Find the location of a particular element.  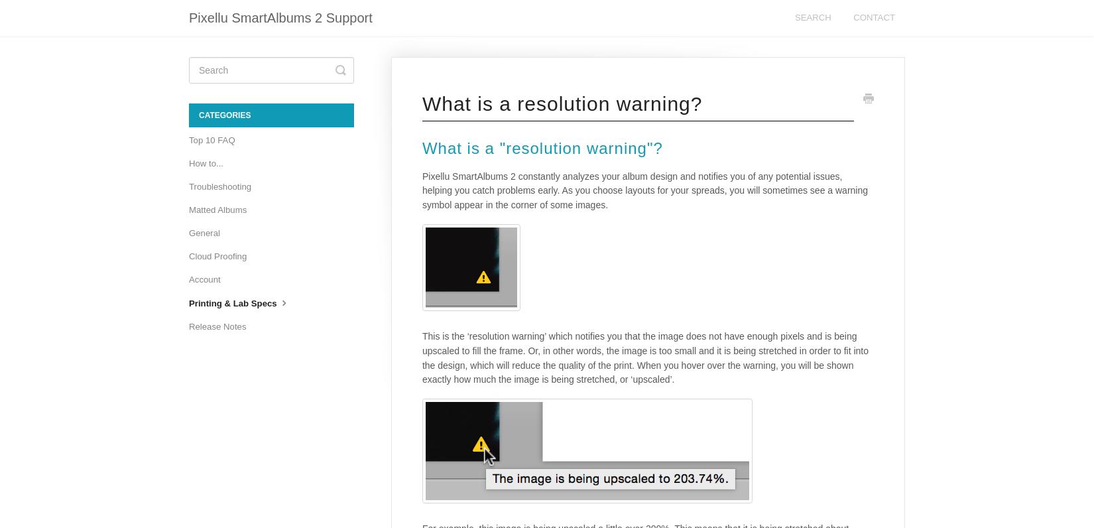

'This is the ‘resolution warning’ which notifies you that the image does not have enough pixels and is being upscaled to fill the frame. Or, in other words, the image is too small and it is being stretched in order to fit into the design, which will reduce the quality of the print. When you hover over the warning, you will be shown exactly how much the image is being stretched, or ‘upscaled’.' is located at coordinates (645, 357).